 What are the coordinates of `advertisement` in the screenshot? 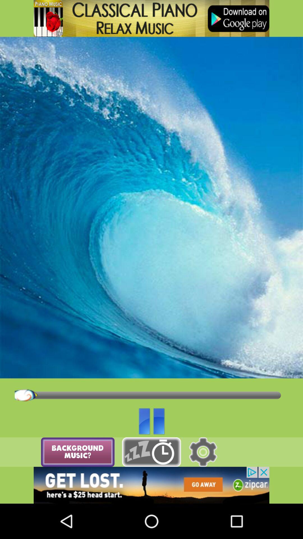 It's located at (151, 18).